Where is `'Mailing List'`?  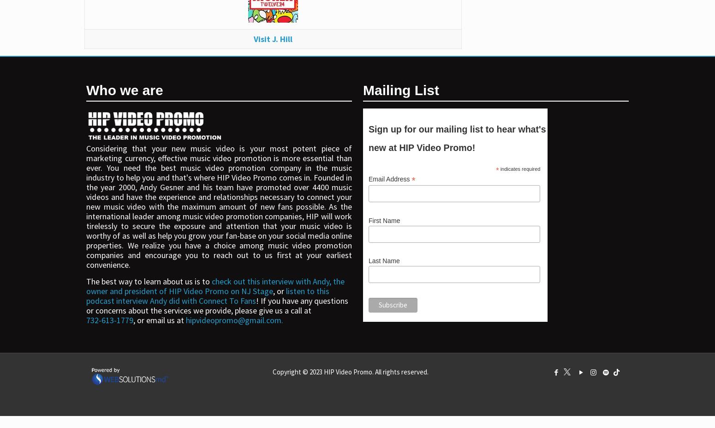 'Mailing List' is located at coordinates (401, 90).